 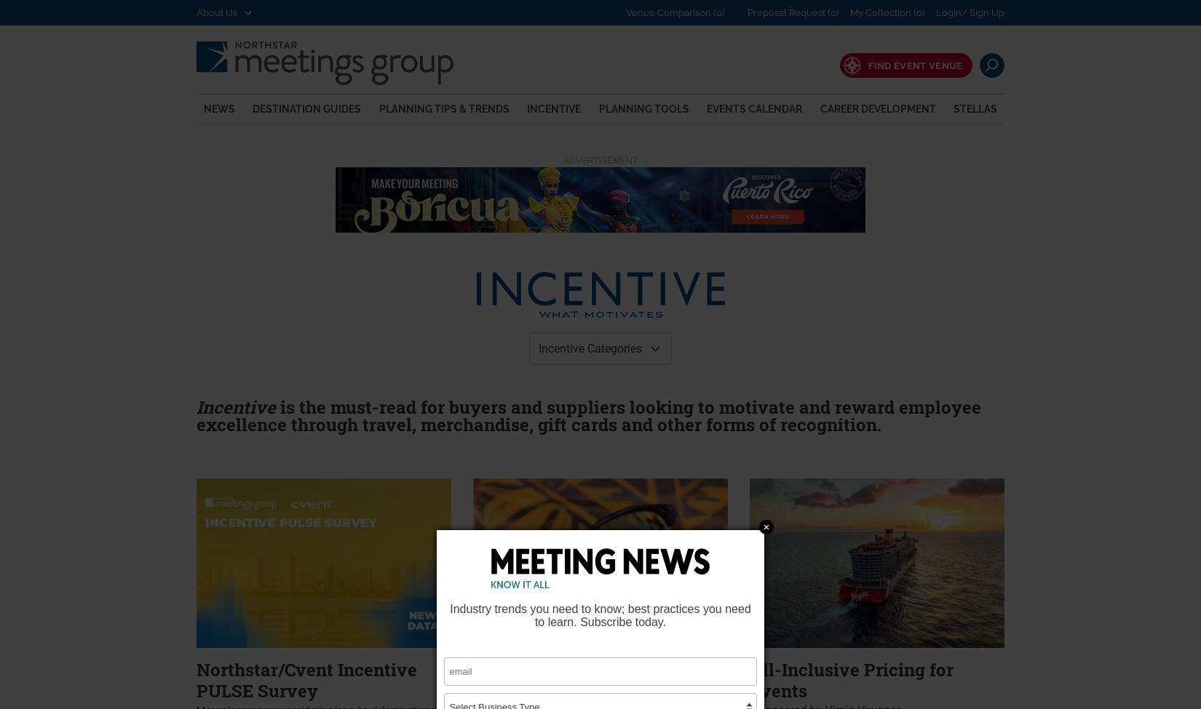 I want to click on 'News', so click(x=219, y=107).